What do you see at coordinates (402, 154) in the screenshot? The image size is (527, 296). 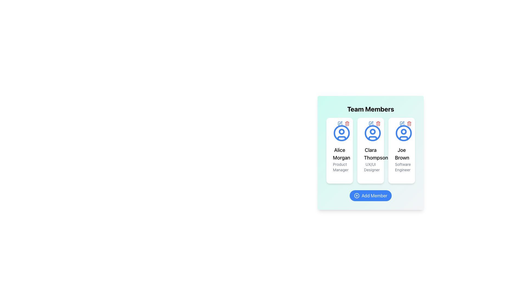 I see `name 'Joe Brown' displayed prominently in bold text as the second line within the profile card of the team member, located under the avatar and following the title 'Software Engineer'` at bounding box center [402, 154].